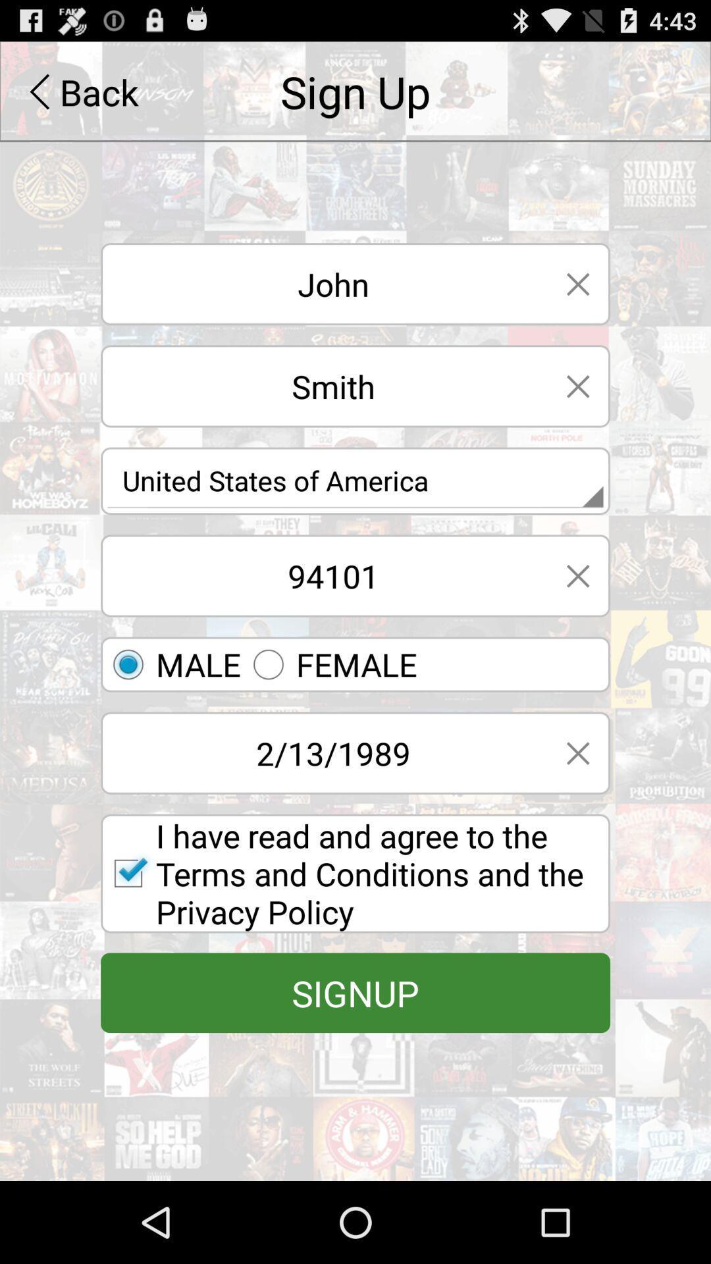 The width and height of the screenshot is (711, 1264). Describe the element at coordinates (577, 303) in the screenshot. I see `the close icon` at that location.